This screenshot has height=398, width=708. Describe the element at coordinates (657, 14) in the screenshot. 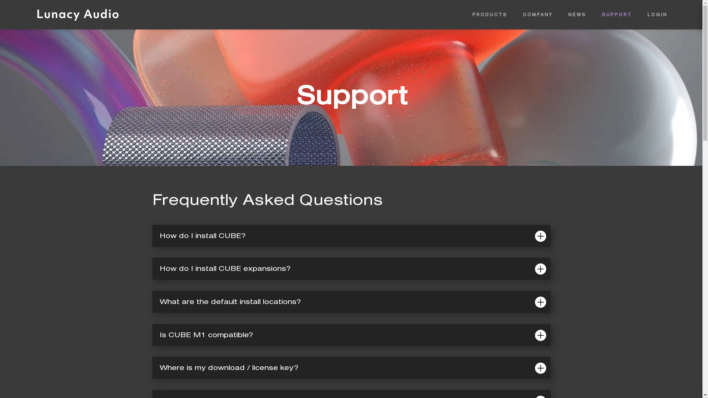

I see `'LOGIN'` at that location.